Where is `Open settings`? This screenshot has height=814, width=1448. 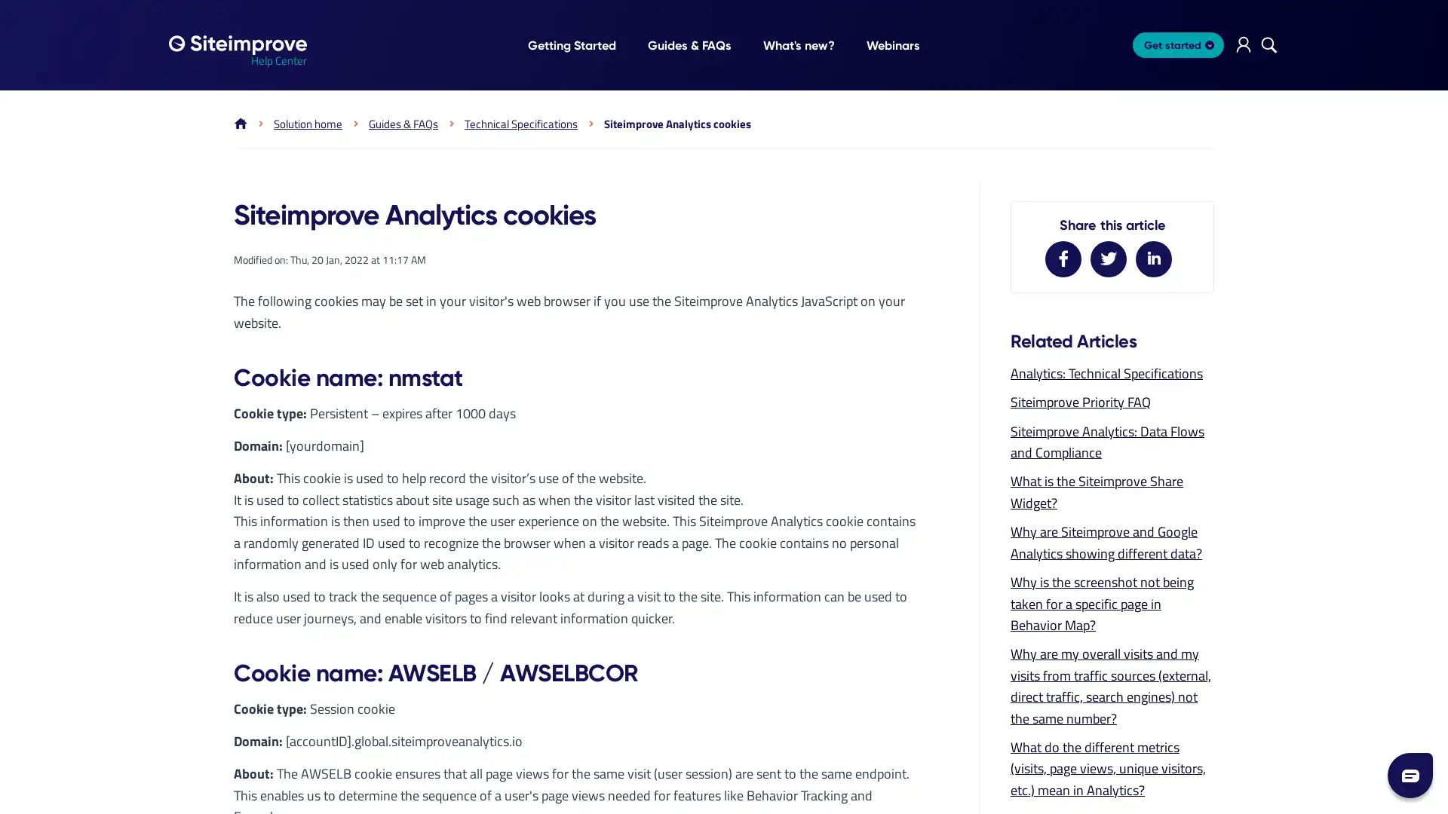
Open settings is located at coordinates (897, 555).